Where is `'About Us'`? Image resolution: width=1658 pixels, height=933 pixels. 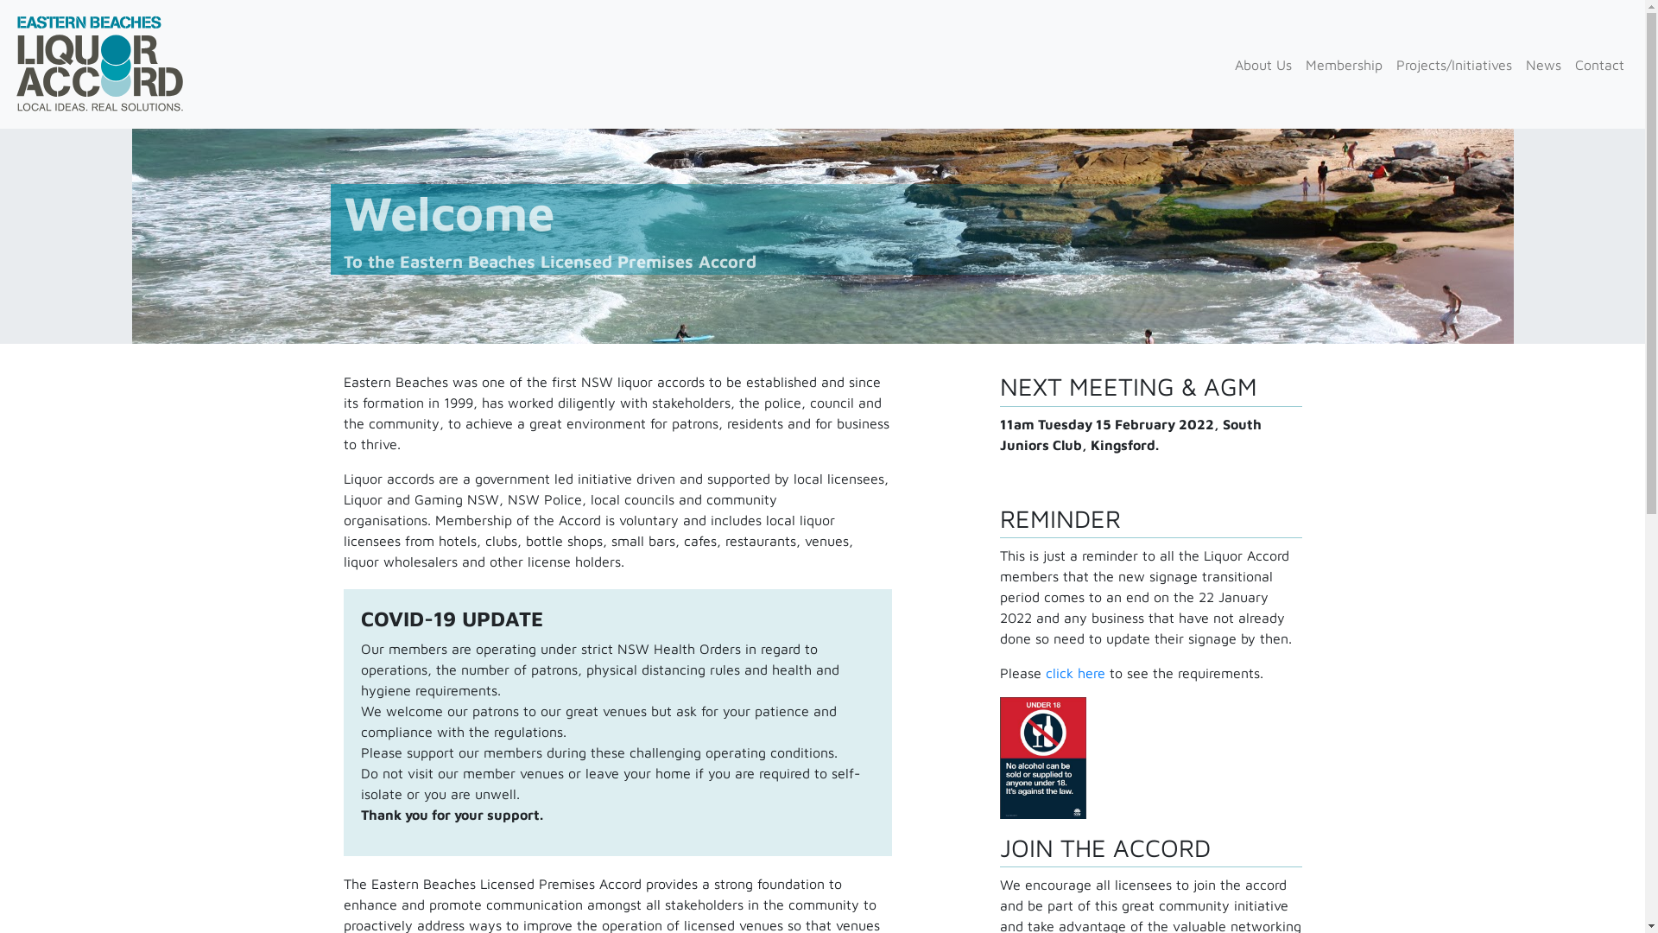
'About Us' is located at coordinates (1263, 63).